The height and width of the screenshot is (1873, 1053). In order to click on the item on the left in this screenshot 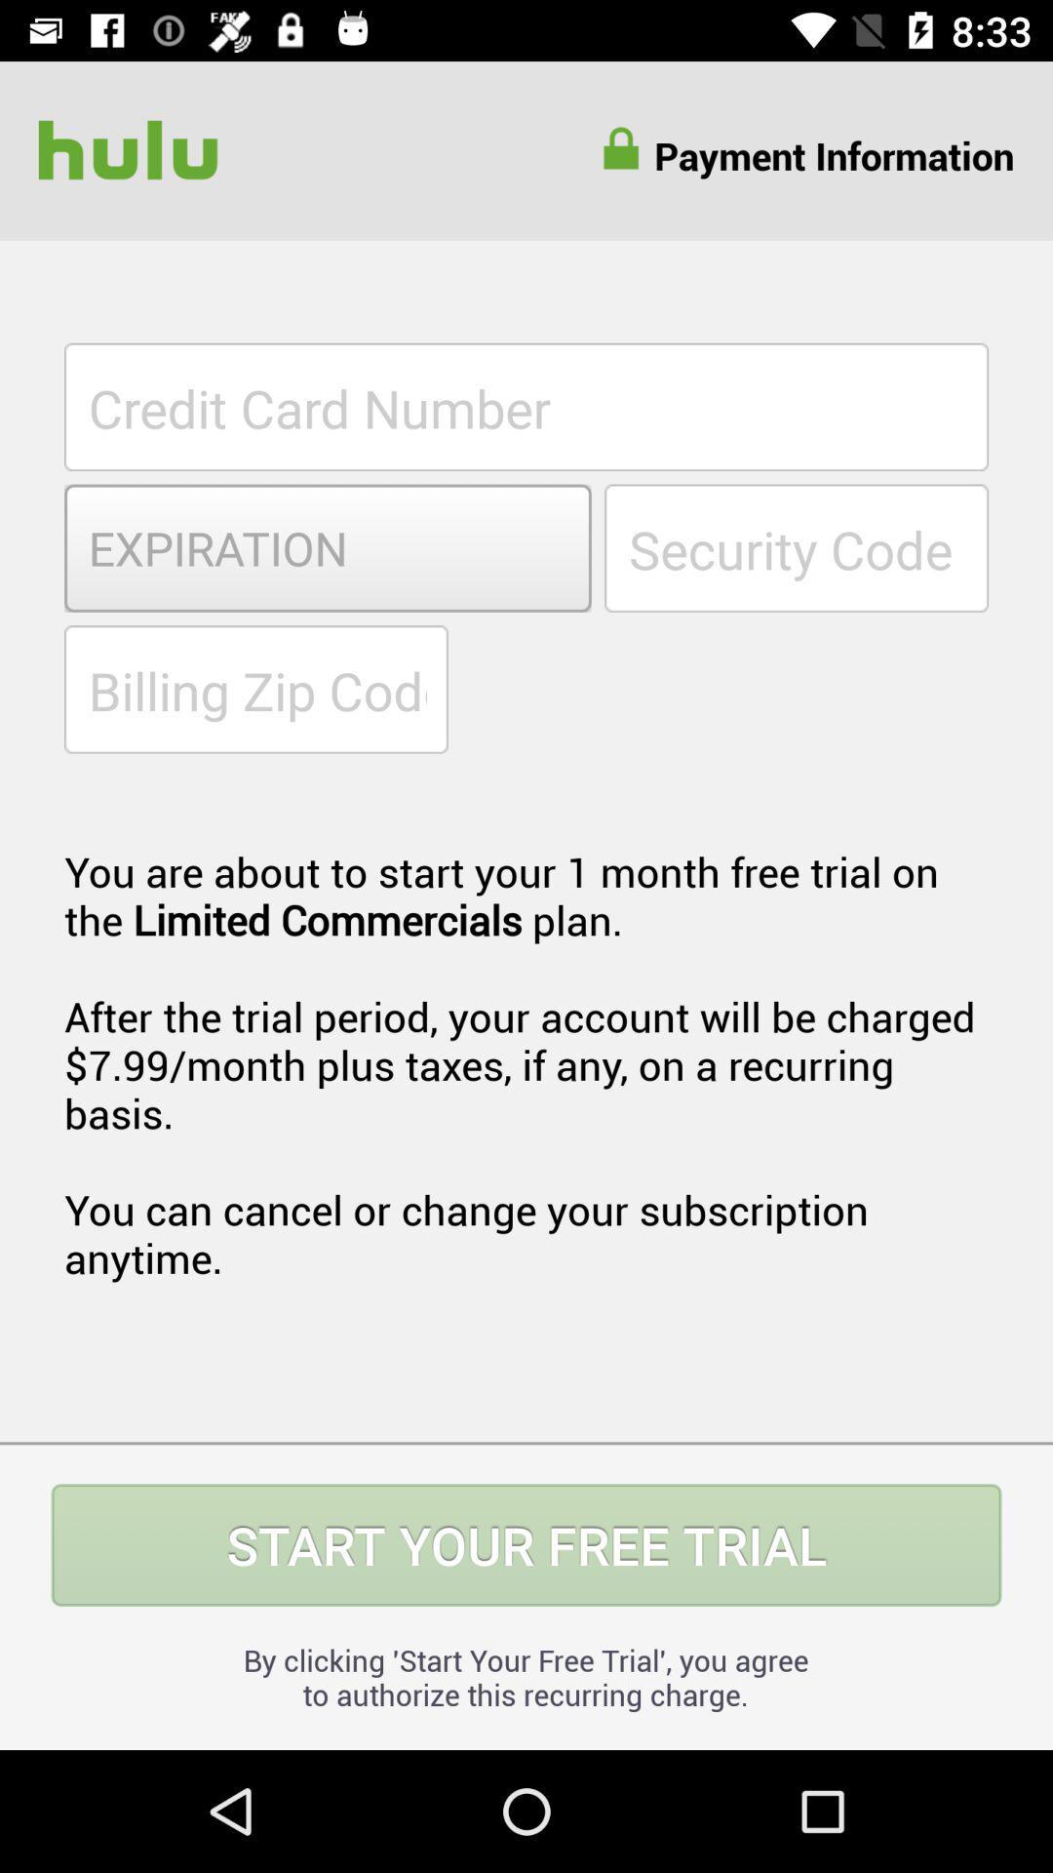, I will do `click(254, 689)`.